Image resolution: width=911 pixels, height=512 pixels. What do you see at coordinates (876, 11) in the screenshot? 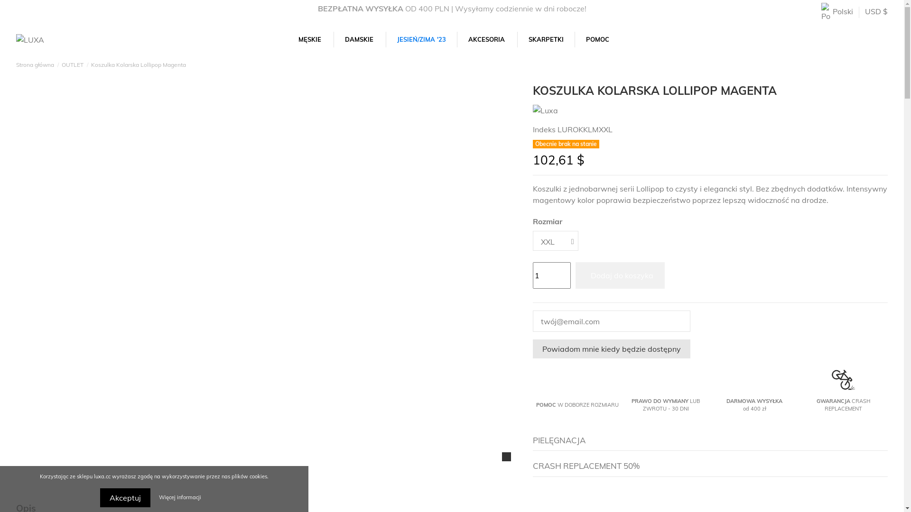
I see `'USD $'` at bounding box center [876, 11].